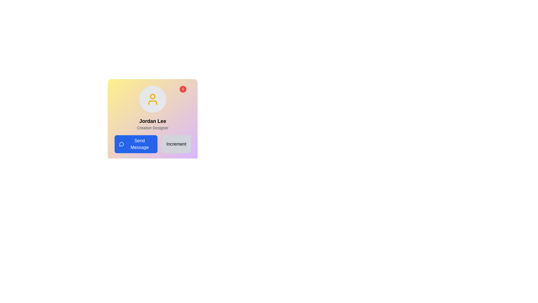  Describe the element at coordinates (183, 89) in the screenshot. I see `the content displayed in the Notification Badge, which is a small red circular element showing the number '5'` at that location.